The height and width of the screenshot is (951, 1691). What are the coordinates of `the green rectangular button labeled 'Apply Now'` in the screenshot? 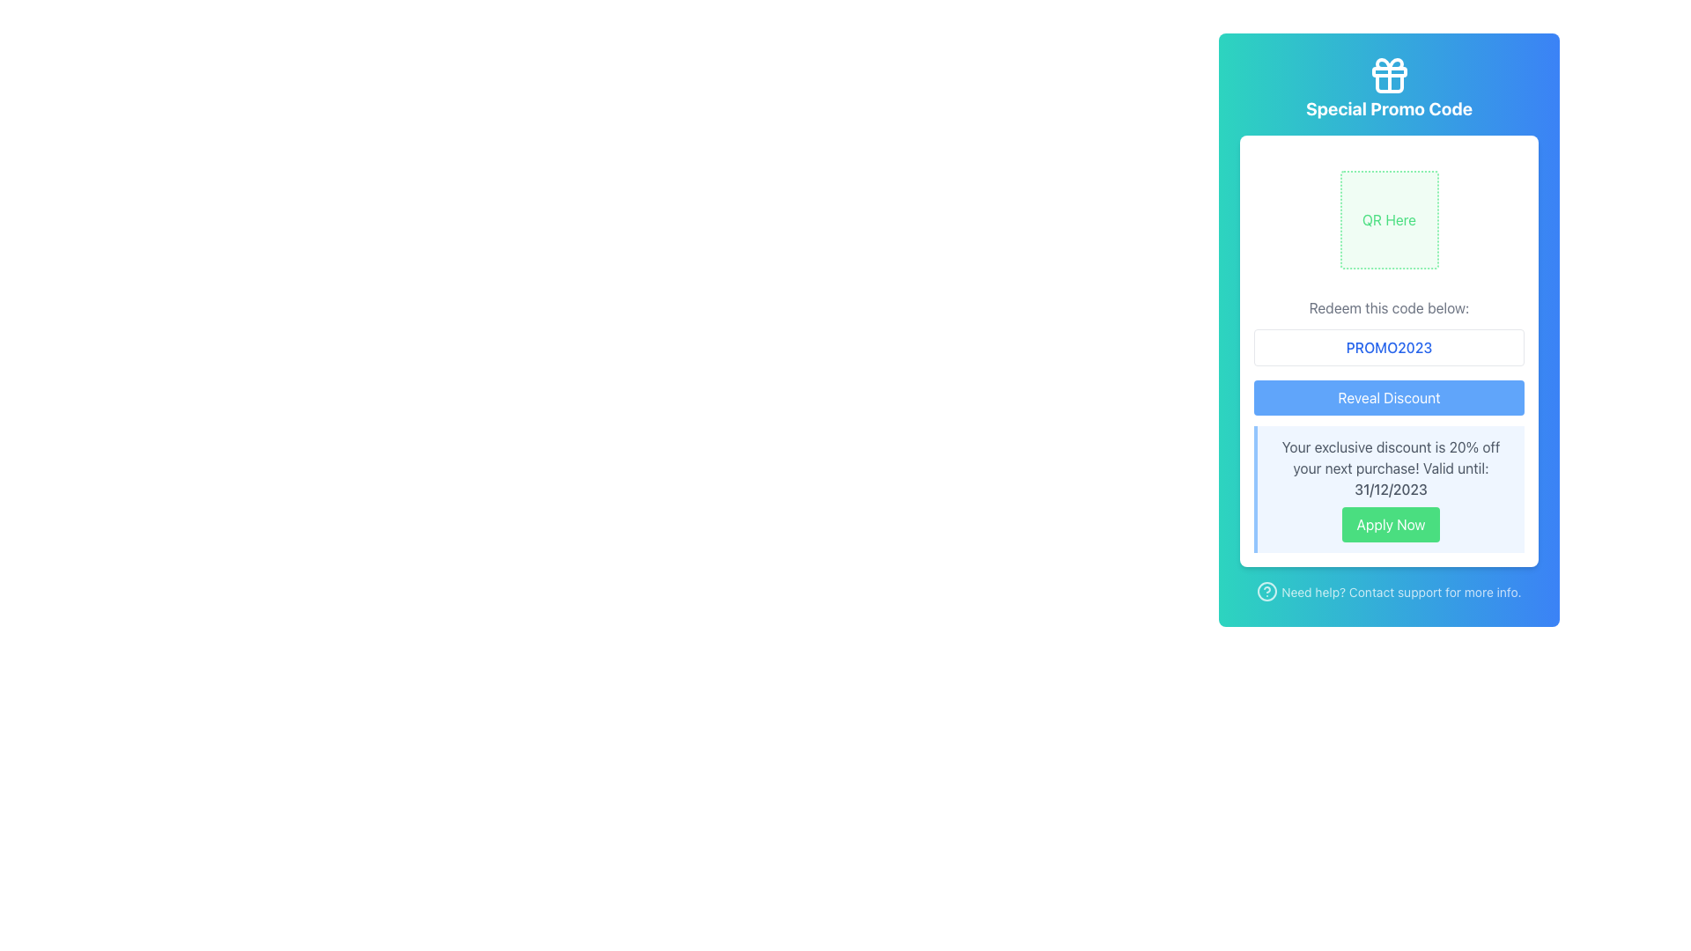 It's located at (1390, 524).